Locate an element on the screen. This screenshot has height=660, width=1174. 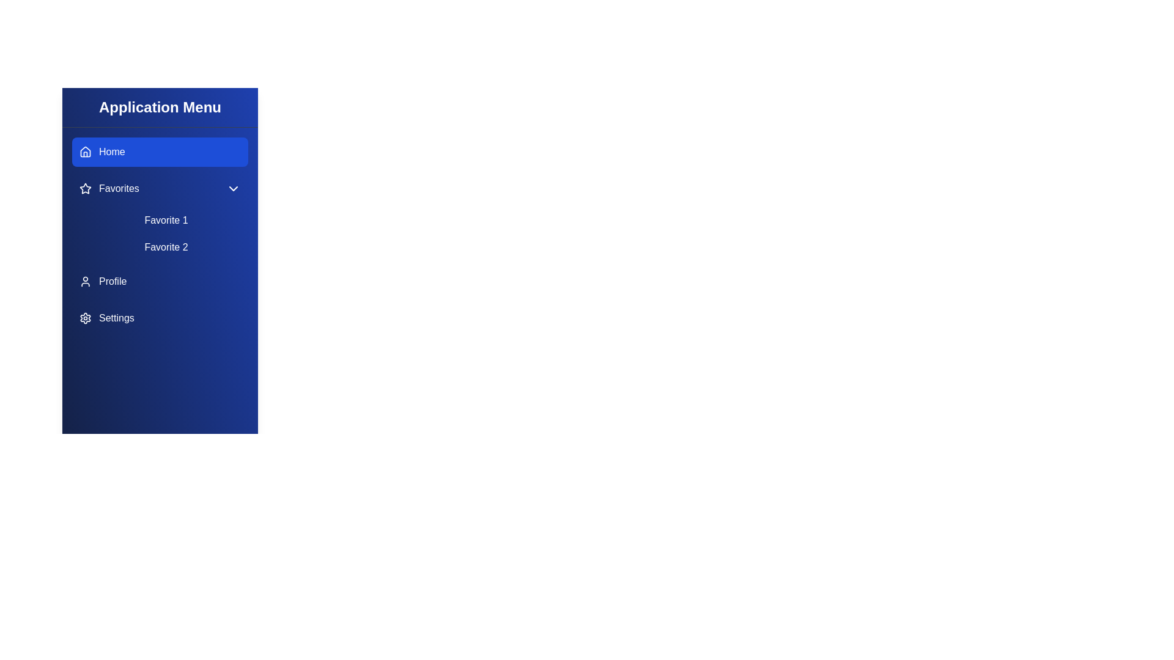
the 'Home' text label within the blue button located in the left sidebar menu, adjacent to the house-shaped icon is located at coordinates (112, 152).